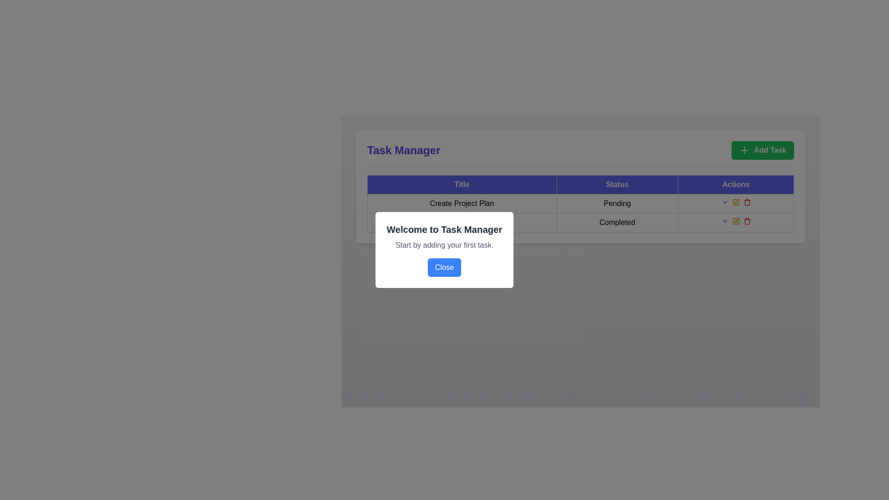  I want to click on the delete button icon located in the 'Actions' column for the task labeled 'Completed', so click(747, 221).